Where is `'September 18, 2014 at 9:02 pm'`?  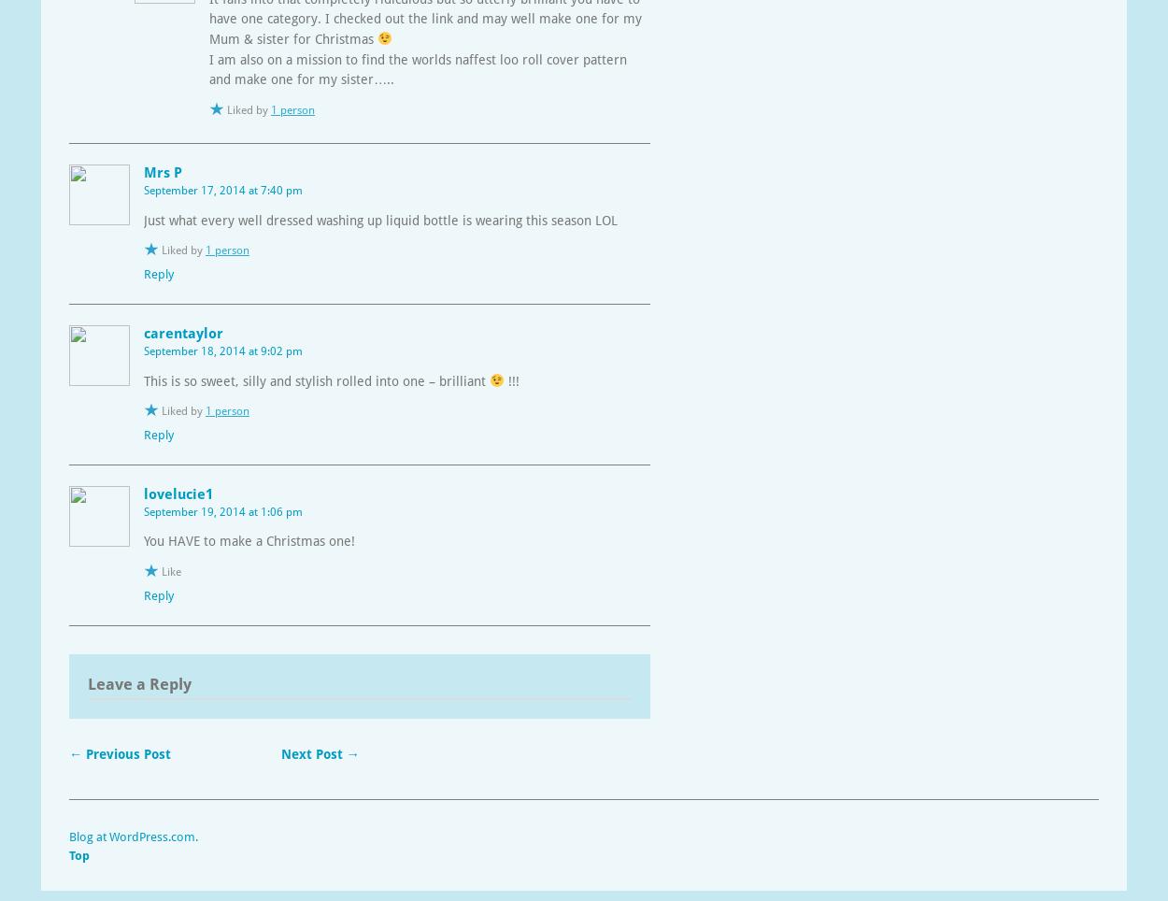 'September 18, 2014 at 9:02 pm' is located at coordinates (222, 350).